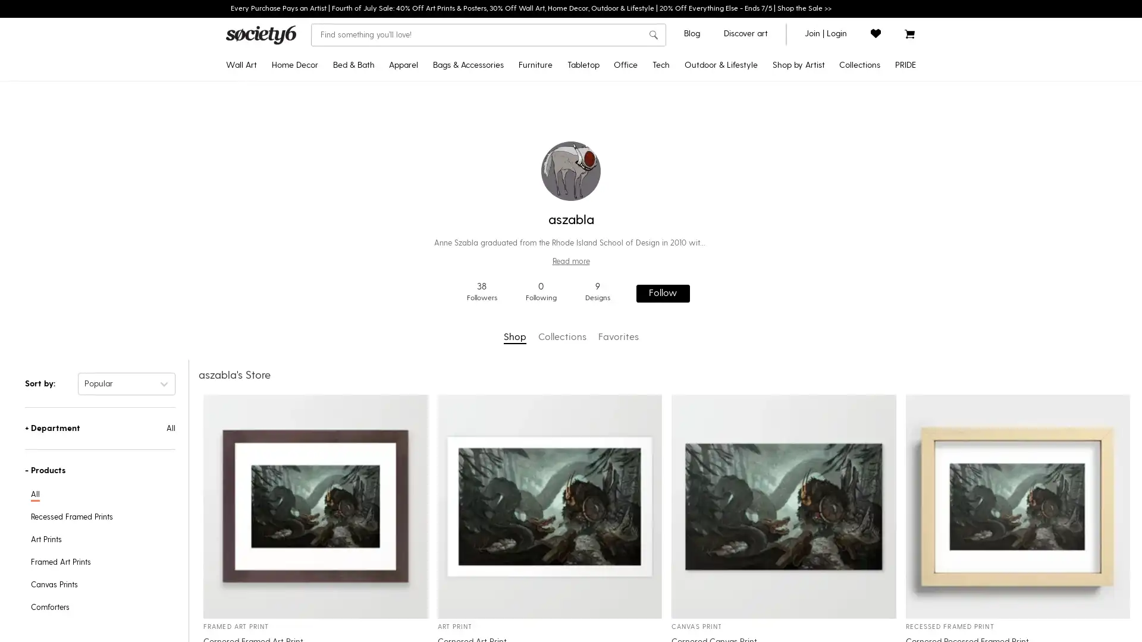 This screenshot has height=642, width=1142. I want to click on Outdoor RugsNEW, so click(736, 95).